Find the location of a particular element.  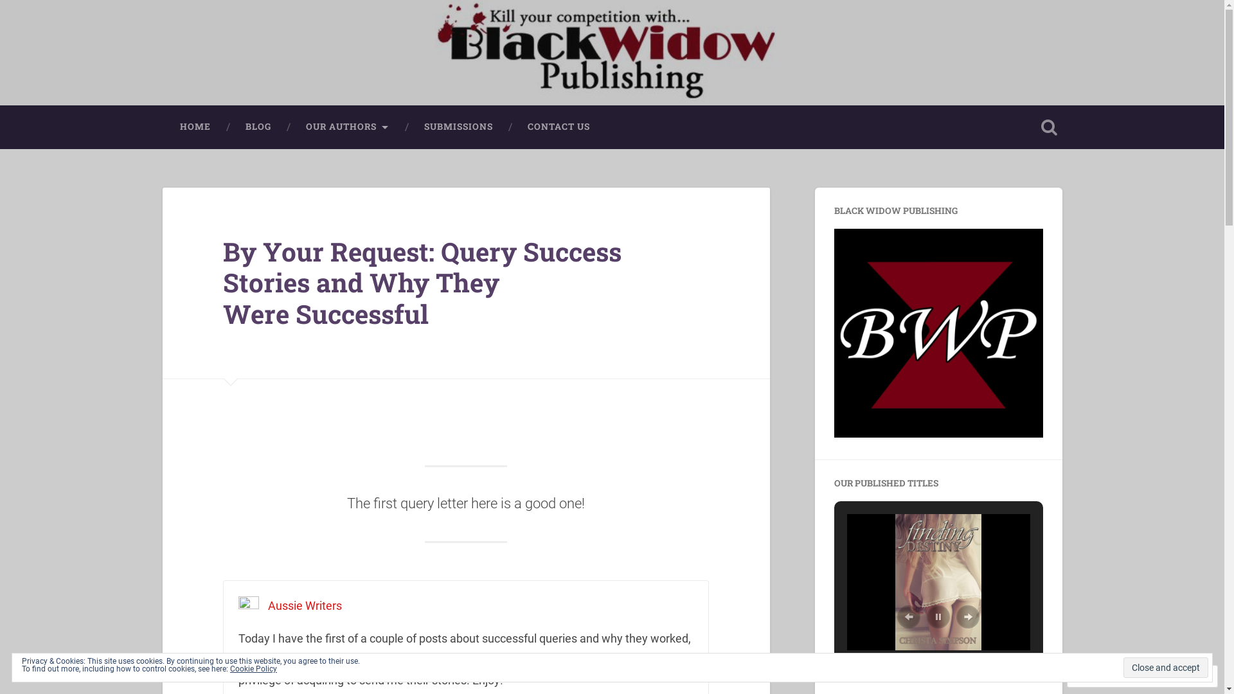

'Open Search' is located at coordinates (1049, 127).